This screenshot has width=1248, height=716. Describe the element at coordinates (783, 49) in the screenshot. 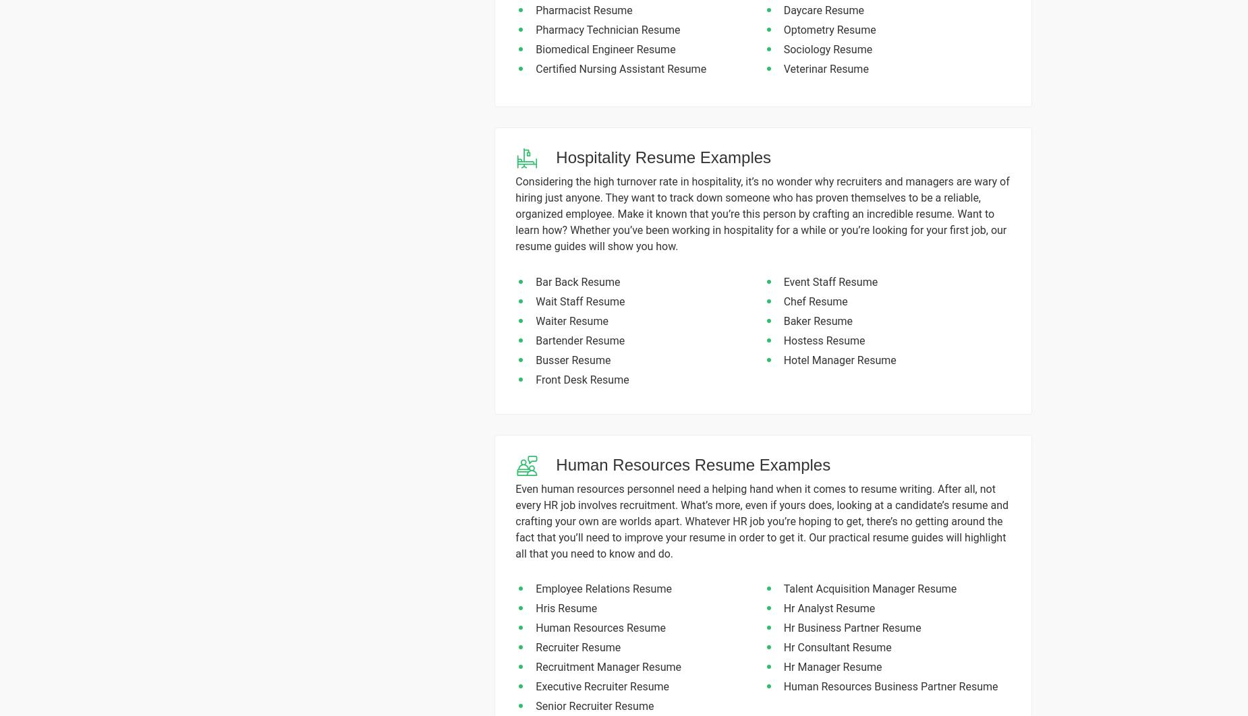

I see `'Sociology Resume'` at that location.